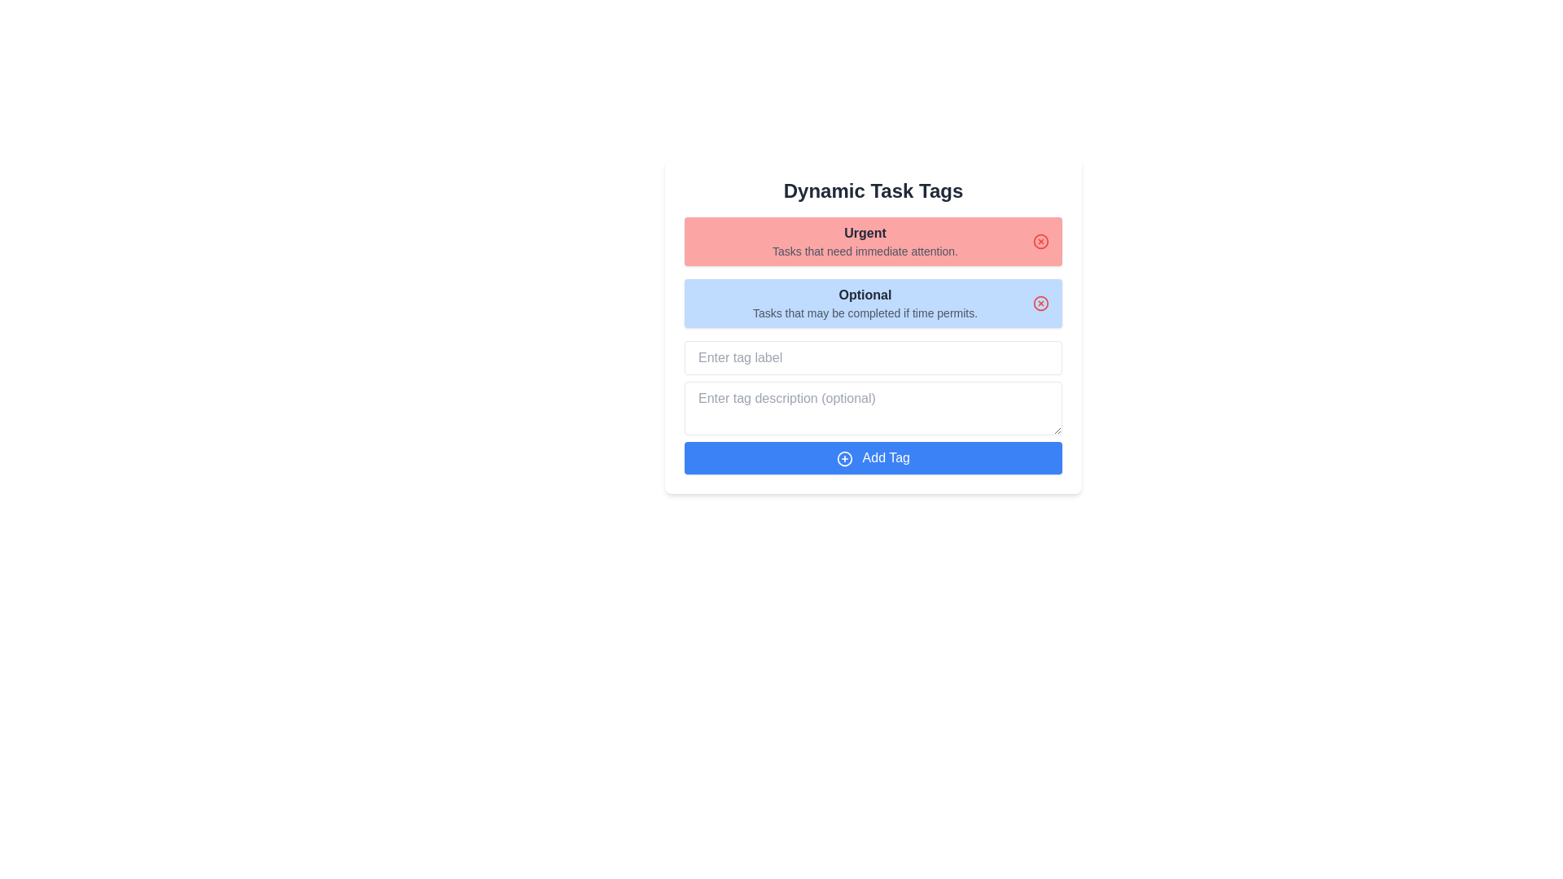 The image size is (1563, 879). What do you see at coordinates (873, 326) in the screenshot?
I see `the dynamic task categorization component` at bounding box center [873, 326].